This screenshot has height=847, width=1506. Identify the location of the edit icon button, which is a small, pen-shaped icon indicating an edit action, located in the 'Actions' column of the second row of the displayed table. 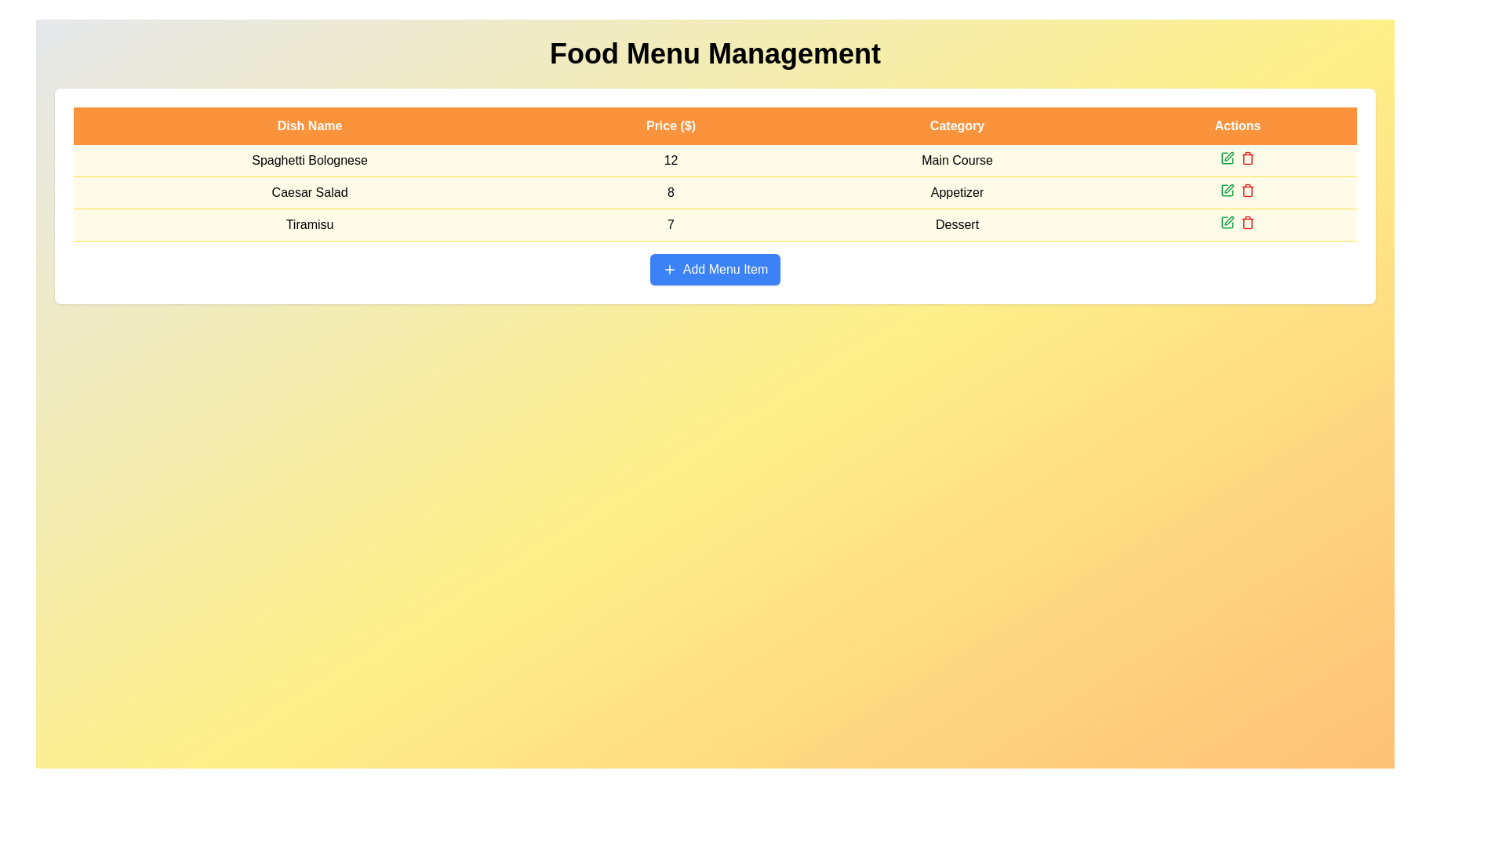
(1228, 187).